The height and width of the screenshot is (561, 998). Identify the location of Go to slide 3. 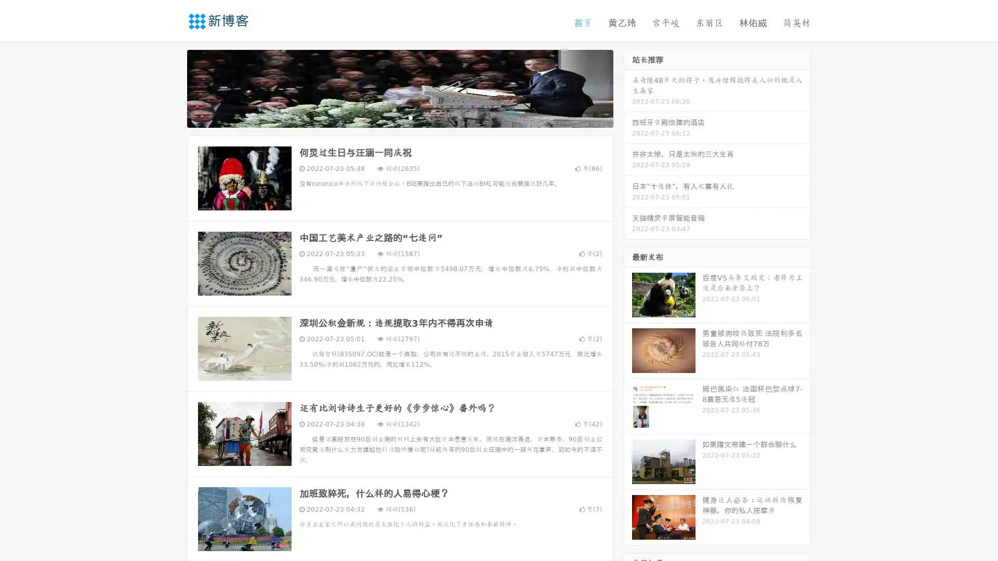
(410, 117).